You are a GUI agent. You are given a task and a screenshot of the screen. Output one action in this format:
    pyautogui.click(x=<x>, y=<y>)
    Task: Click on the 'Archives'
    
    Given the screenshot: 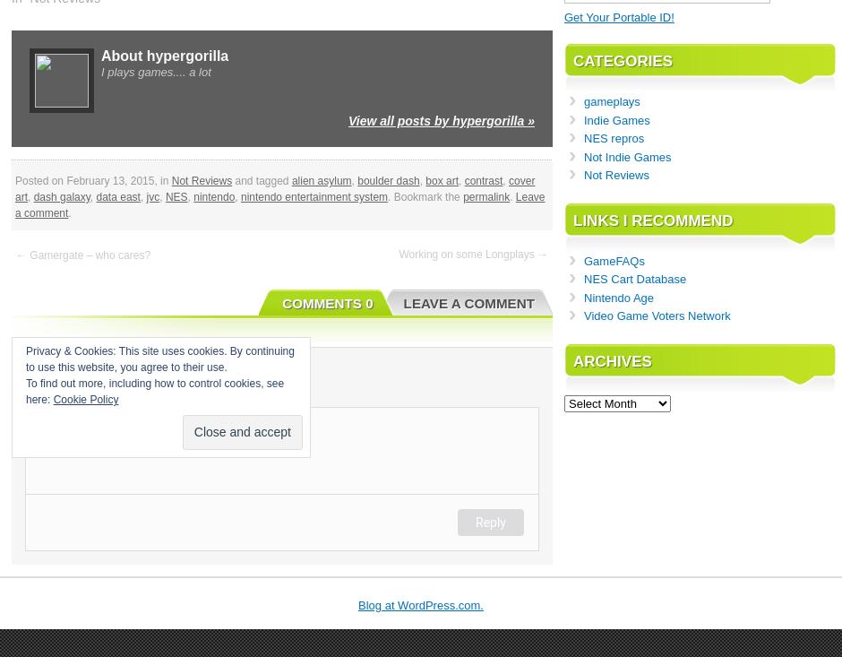 What is the action you would take?
    pyautogui.click(x=611, y=360)
    